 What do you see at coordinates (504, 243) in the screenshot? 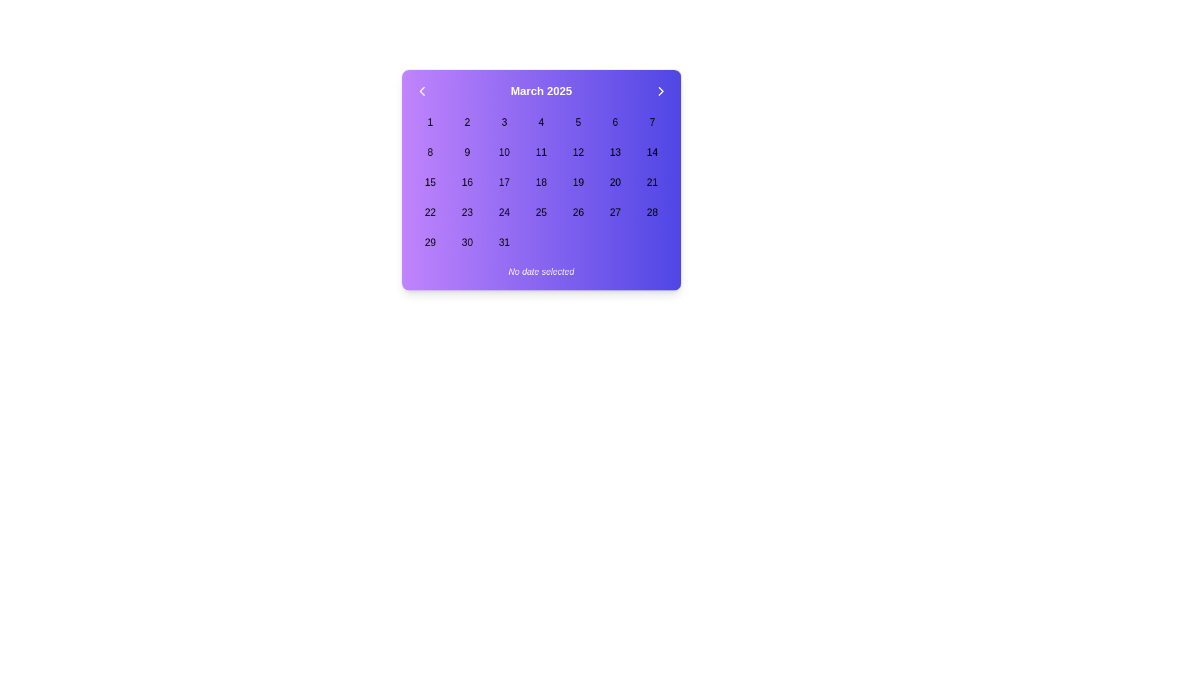
I see `the button indicating the date '31' in the calendar` at bounding box center [504, 243].